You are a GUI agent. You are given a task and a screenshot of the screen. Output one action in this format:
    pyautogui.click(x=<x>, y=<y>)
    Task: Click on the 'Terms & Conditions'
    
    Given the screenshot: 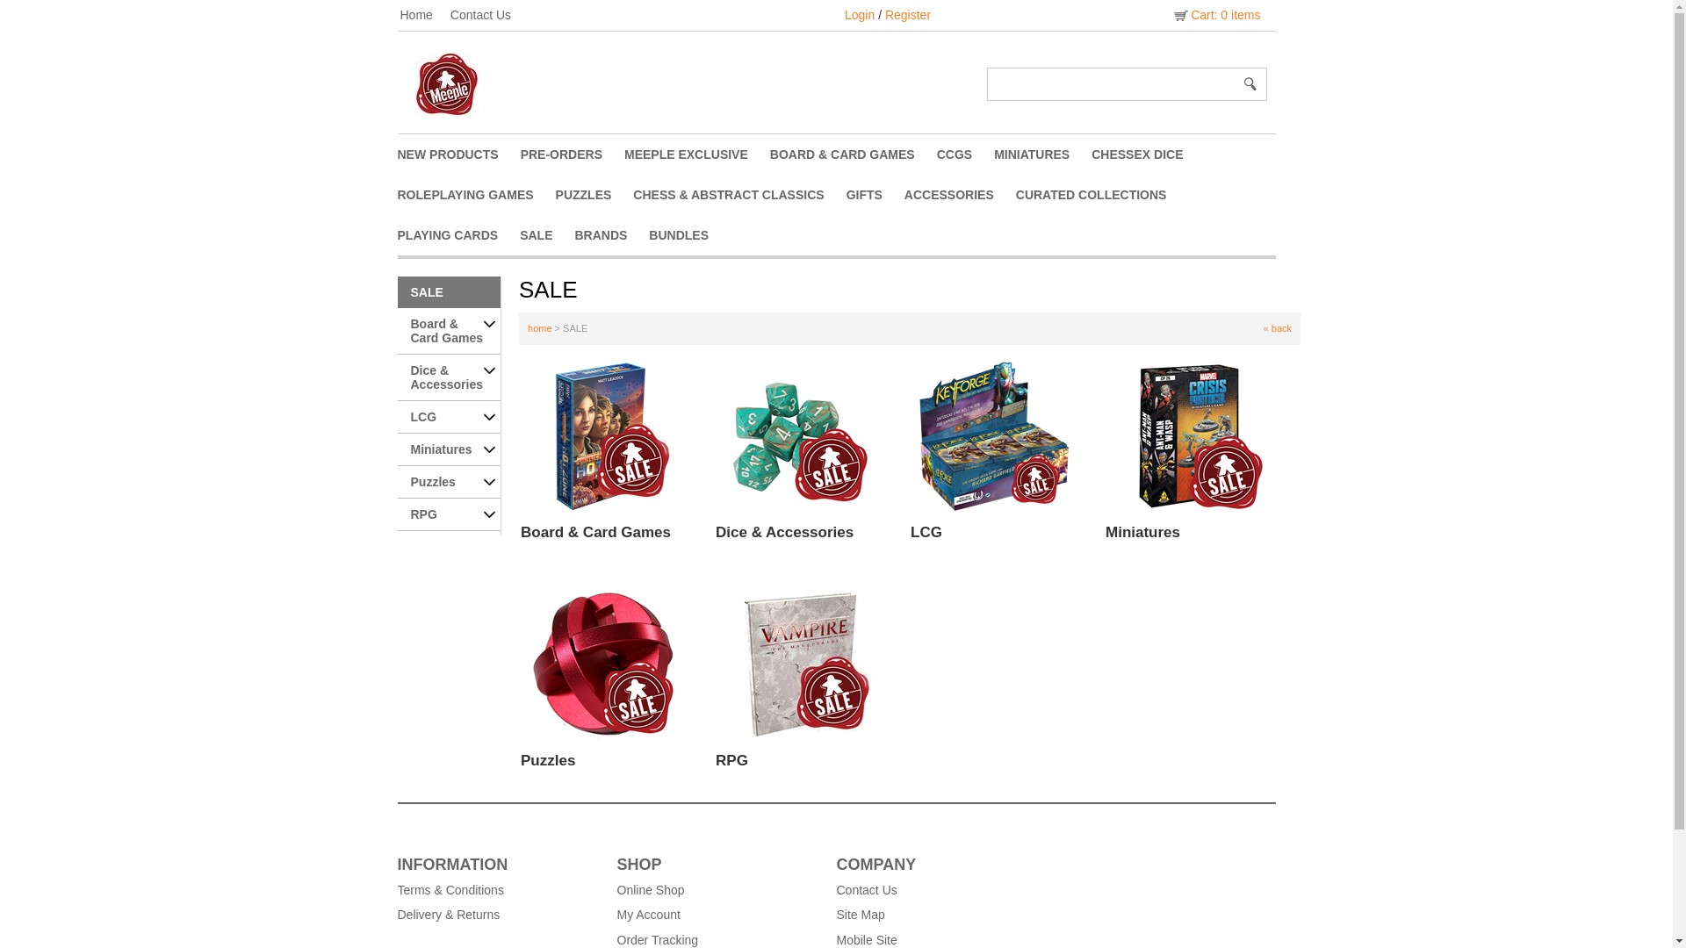 What is the action you would take?
    pyautogui.click(x=496, y=890)
    